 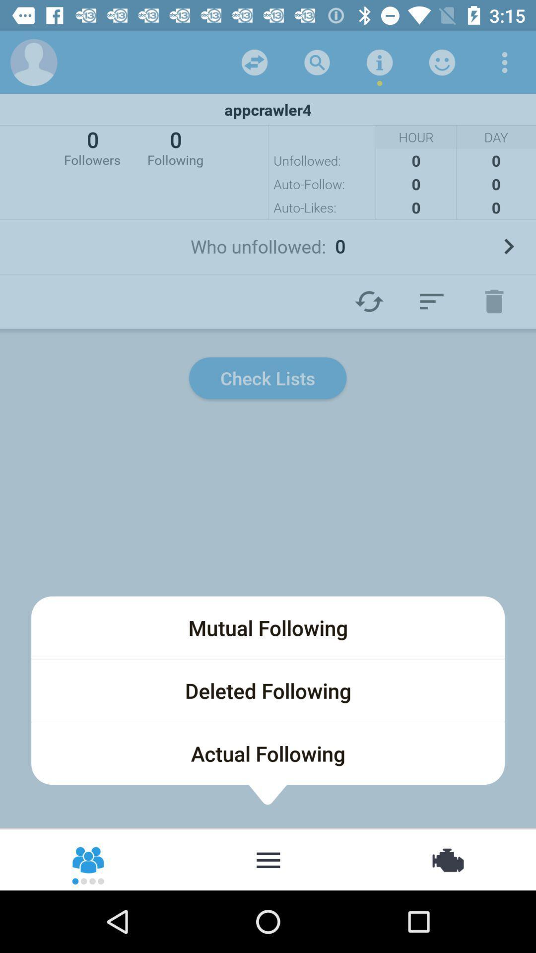 I want to click on the icon above appcrawler4 item, so click(x=379, y=62).